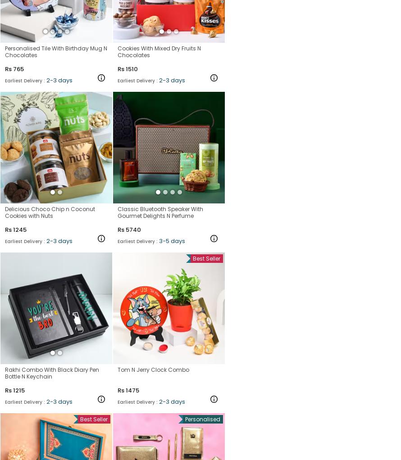 Image resolution: width=401 pixels, height=460 pixels. Describe the element at coordinates (159, 240) in the screenshot. I see `'3-5 days'` at that location.